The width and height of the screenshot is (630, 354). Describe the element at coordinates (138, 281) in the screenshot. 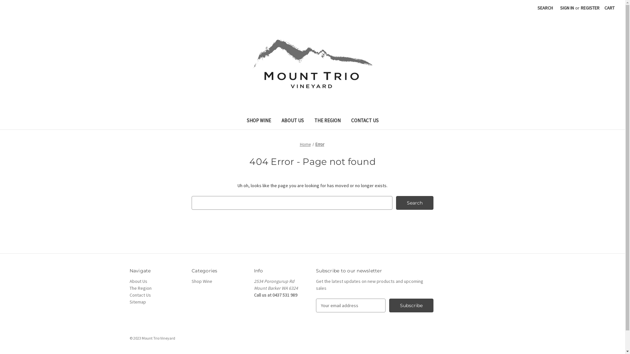

I see `'About Us'` at that location.